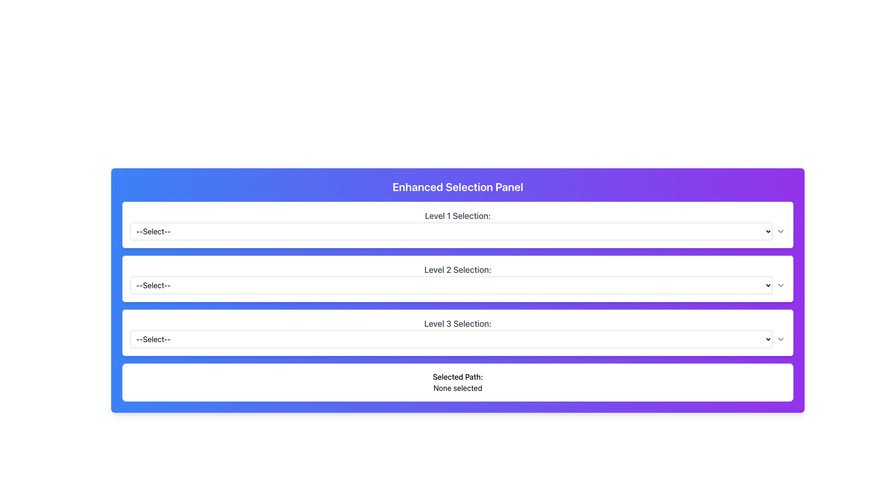 This screenshot has height=502, width=893. What do you see at coordinates (458, 324) in the screenshot?
I see `the text label reading 'Level 3 Selection:' which is styled with a larger font size, medium weight, and gray color, located in the centered region of the panel above its corresponding dropdown menu` at bounding box center [458, 324].